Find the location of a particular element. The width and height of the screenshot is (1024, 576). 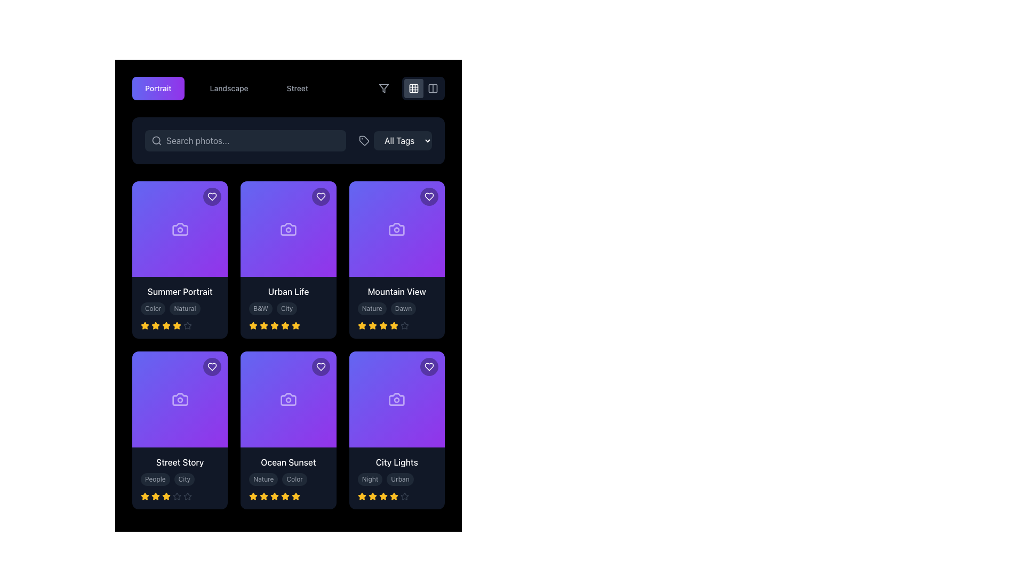

the card in the first row, third column of the grid layout is located at coordinates (396, 260).